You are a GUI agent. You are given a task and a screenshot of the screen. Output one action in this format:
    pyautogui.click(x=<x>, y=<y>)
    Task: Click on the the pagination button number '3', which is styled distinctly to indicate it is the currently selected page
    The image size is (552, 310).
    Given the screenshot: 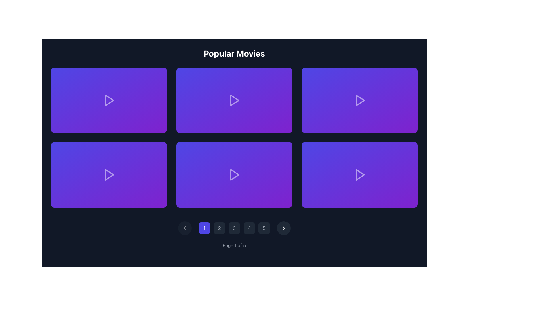 What is the action you would take?
    pyautogui.click(x=234, y=228)
    